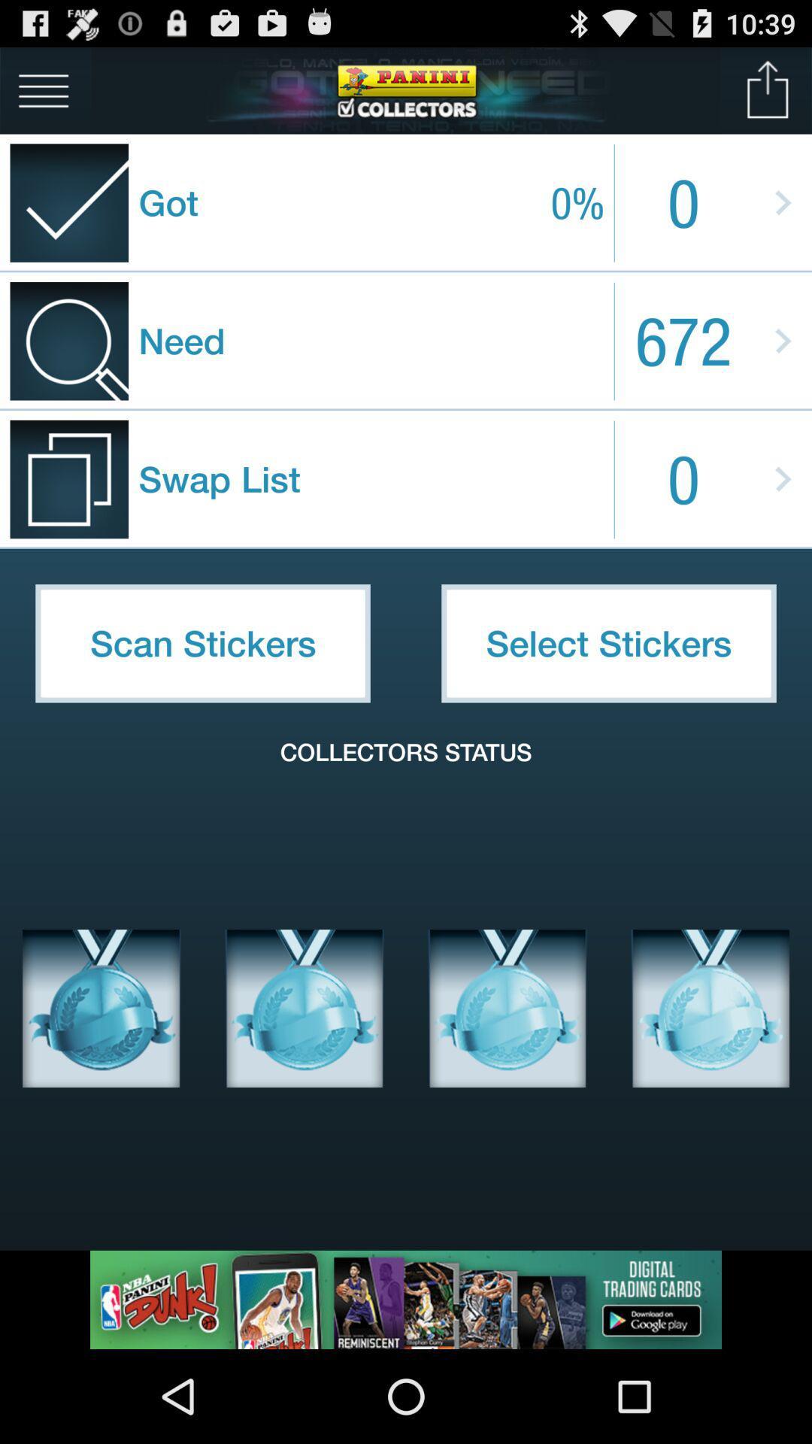  Describe the element at coordinates (304, 1008) in the screenshot. I see `medal` at that location.